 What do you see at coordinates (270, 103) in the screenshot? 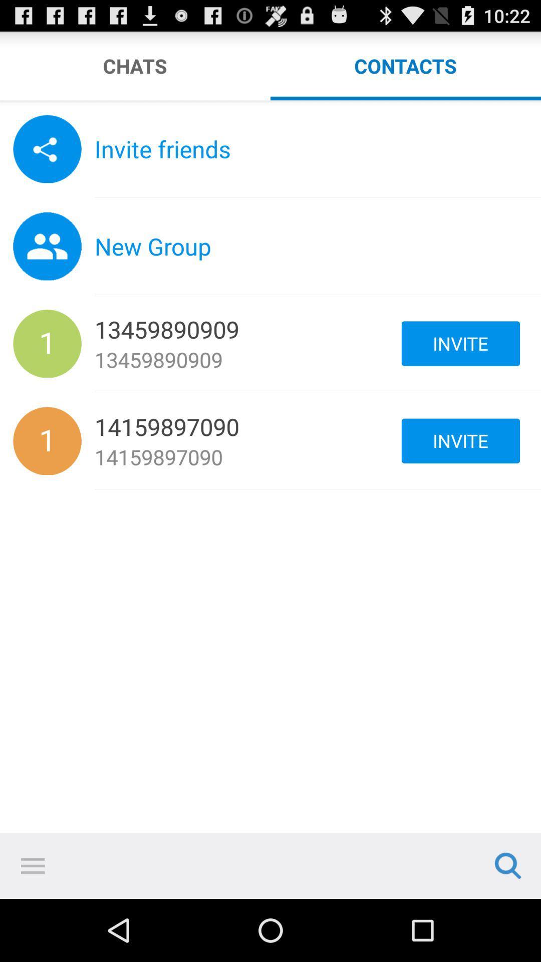
I see `slide across` at bounding box center [270, 103].